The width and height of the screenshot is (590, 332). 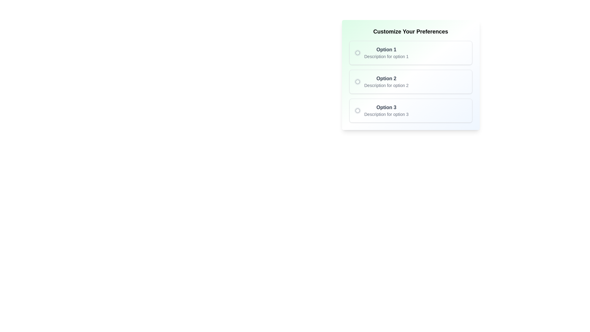 What do you see at coordinates (386, 110) in the screenshot?
I see `the 'Option 3' text label and description pair` at bounding box center [386, 110].